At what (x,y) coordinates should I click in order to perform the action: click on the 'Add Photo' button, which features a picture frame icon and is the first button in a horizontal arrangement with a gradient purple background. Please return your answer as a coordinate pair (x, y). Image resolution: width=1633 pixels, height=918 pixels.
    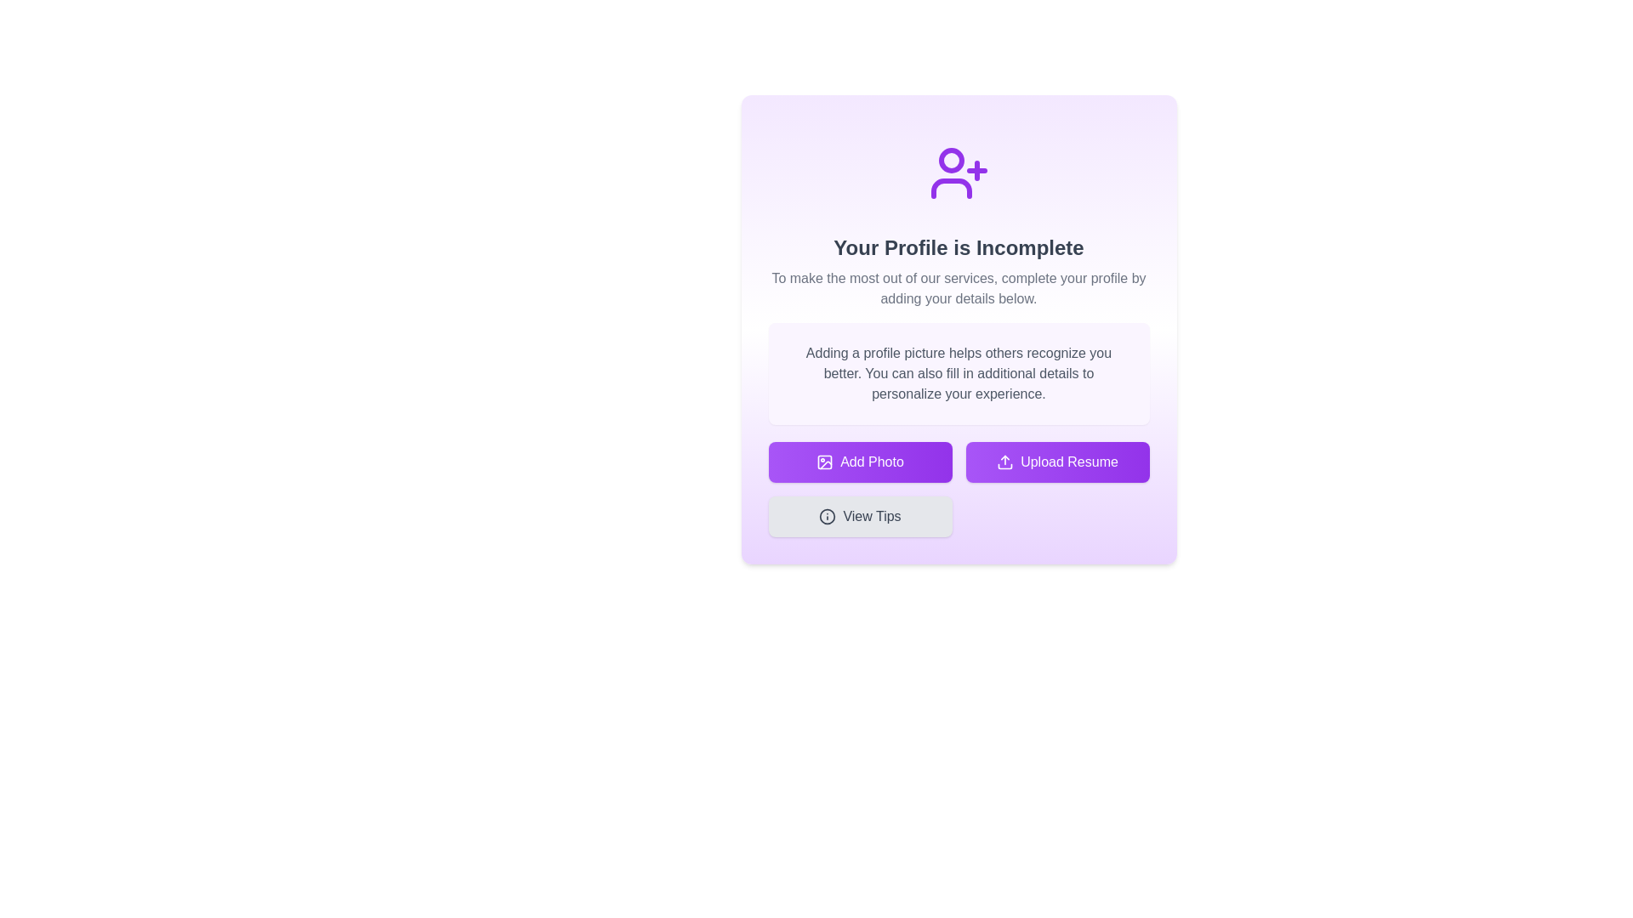
    Looking at the image, I should click on (860, 462).